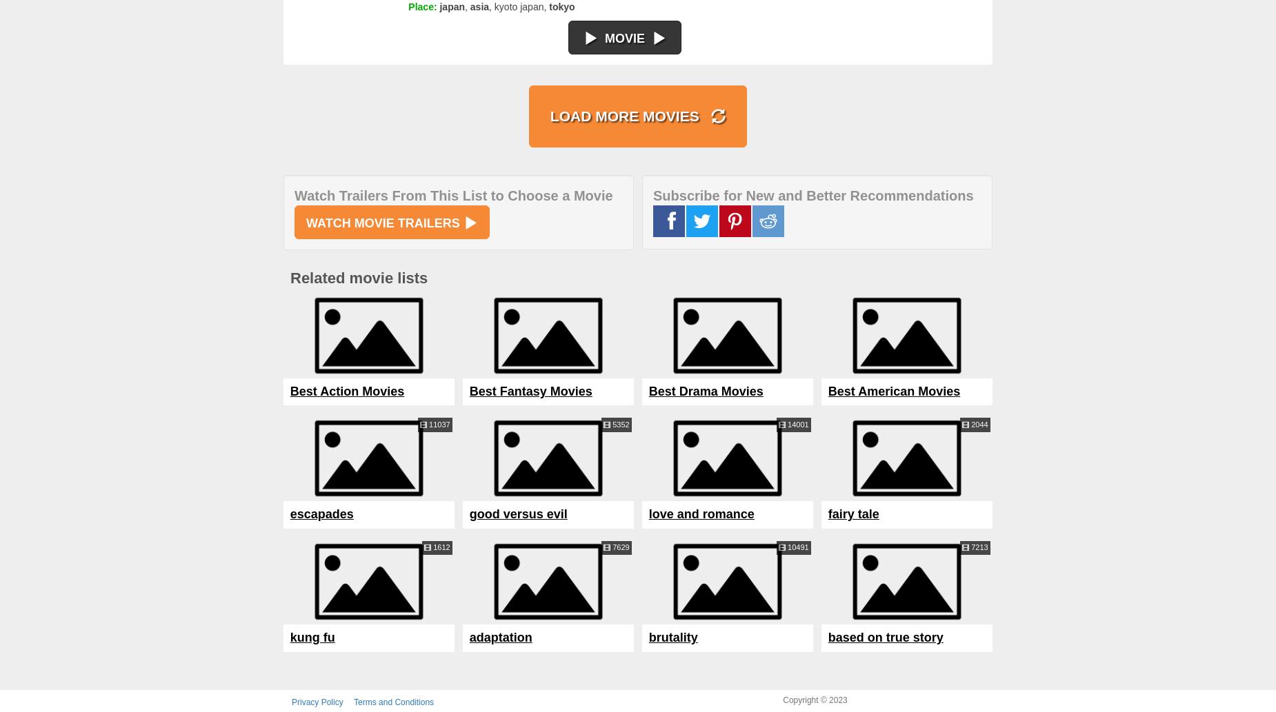 The image size is (1276, 712). I want to click on 'Best Fantasy Movies', so click(530, 390).